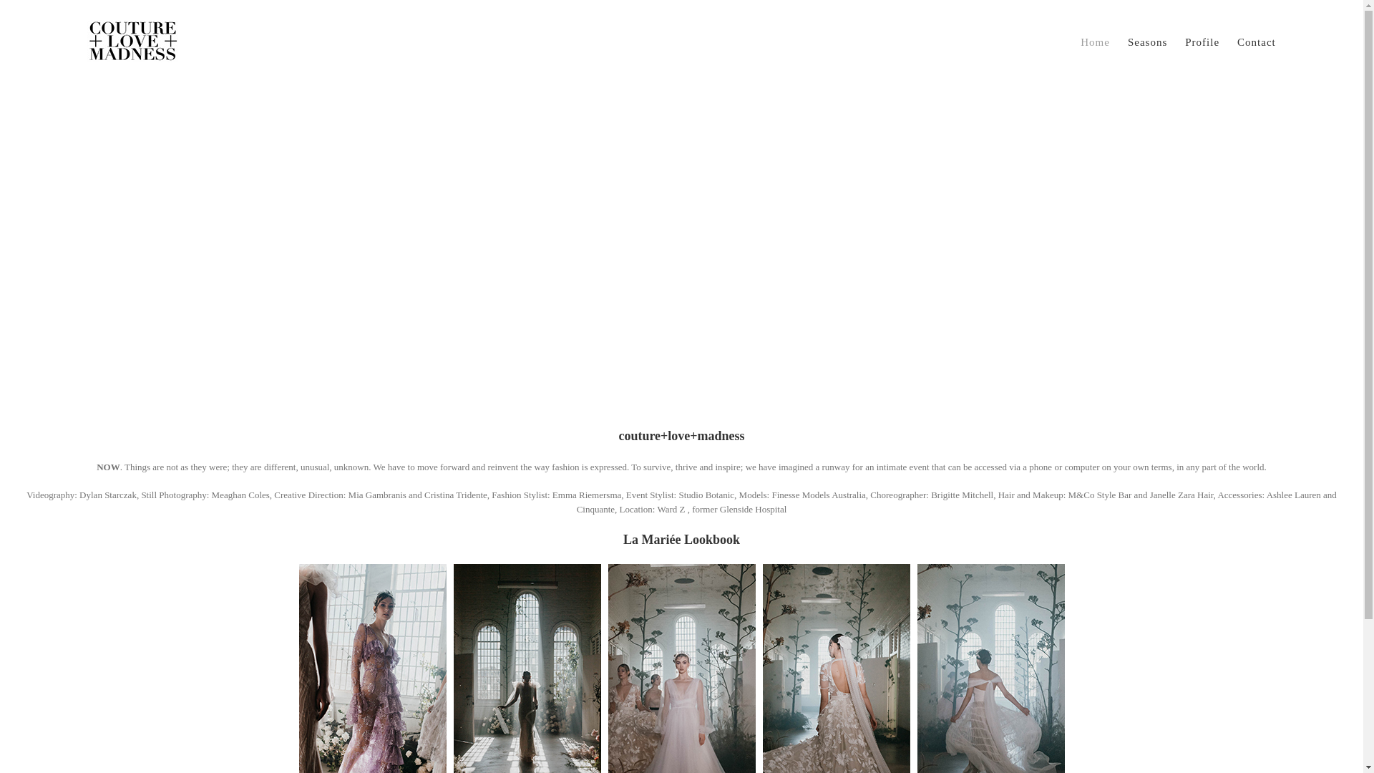 This screenshot has height=773, width=1374. I want to click on 'Profile', so click(1202, 42).